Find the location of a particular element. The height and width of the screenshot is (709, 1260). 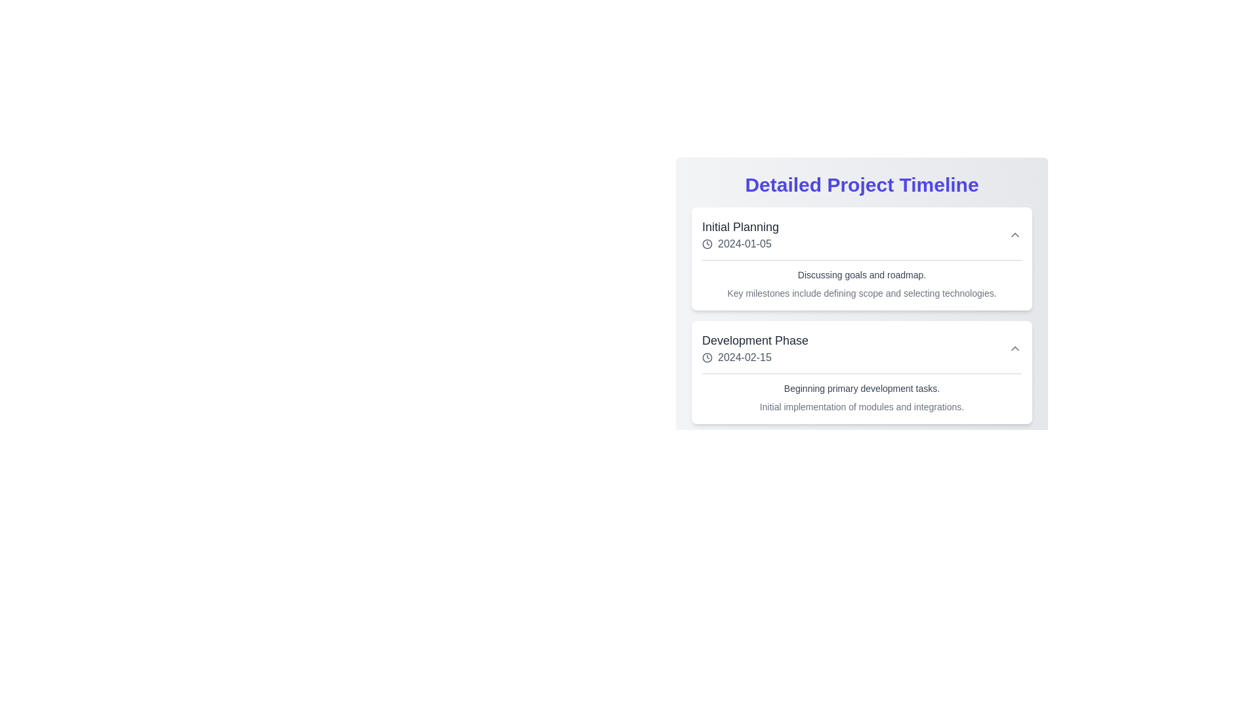

the displayed date value '2024-01-05' located below the 'Initial Planning' section title in the project timeline layout is located at coordinates (740, 244).